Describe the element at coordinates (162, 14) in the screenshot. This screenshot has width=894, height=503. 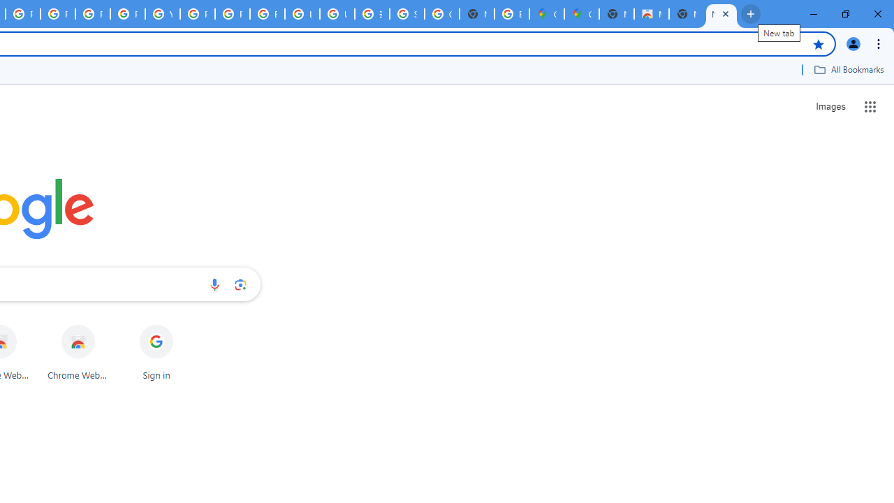
I see `'YouTube'` at that location.